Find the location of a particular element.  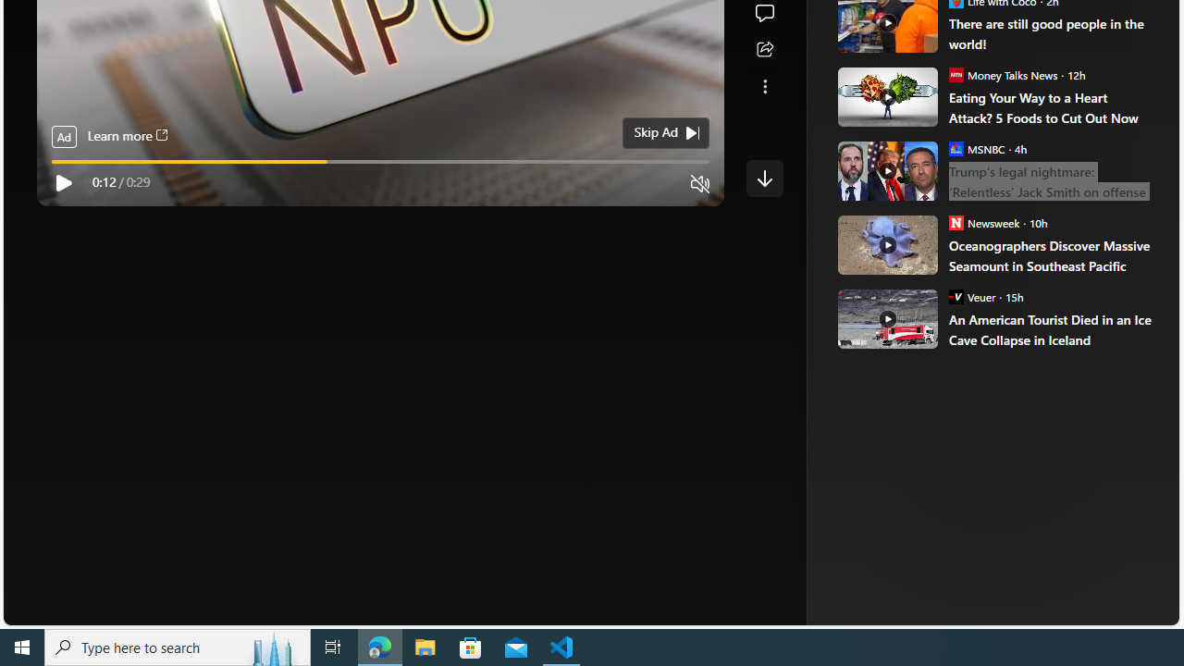

'Money Talks News Money Talks News' is located at coordinates (1002, 73).